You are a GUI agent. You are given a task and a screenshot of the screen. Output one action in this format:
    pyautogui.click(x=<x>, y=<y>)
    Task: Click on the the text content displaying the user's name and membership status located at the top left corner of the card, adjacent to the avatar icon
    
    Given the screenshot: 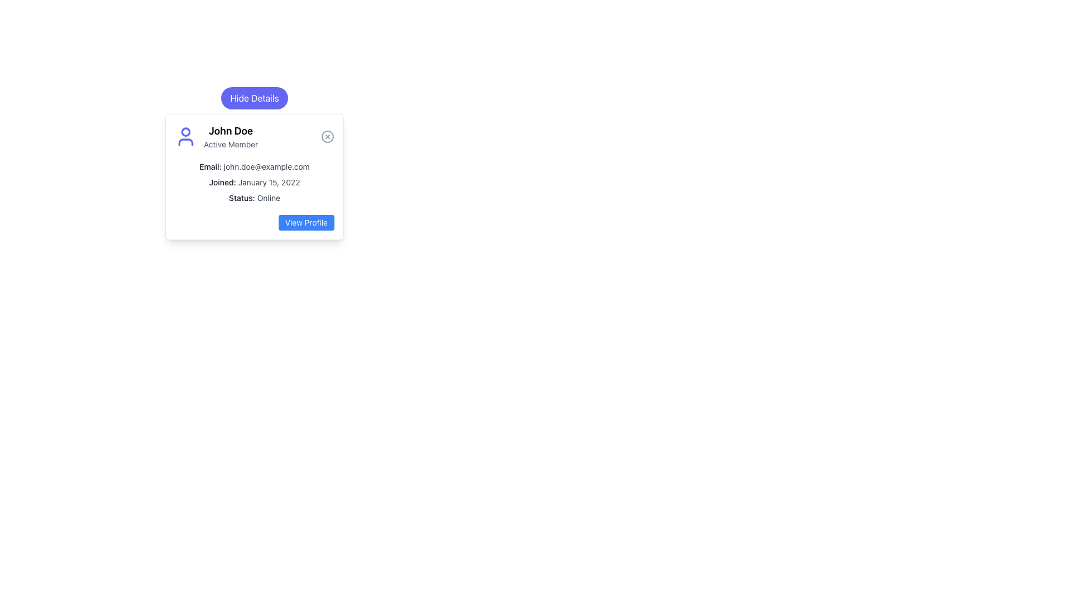 What is the action you would take?
    pyautogui.click(x=230, y=136)
    